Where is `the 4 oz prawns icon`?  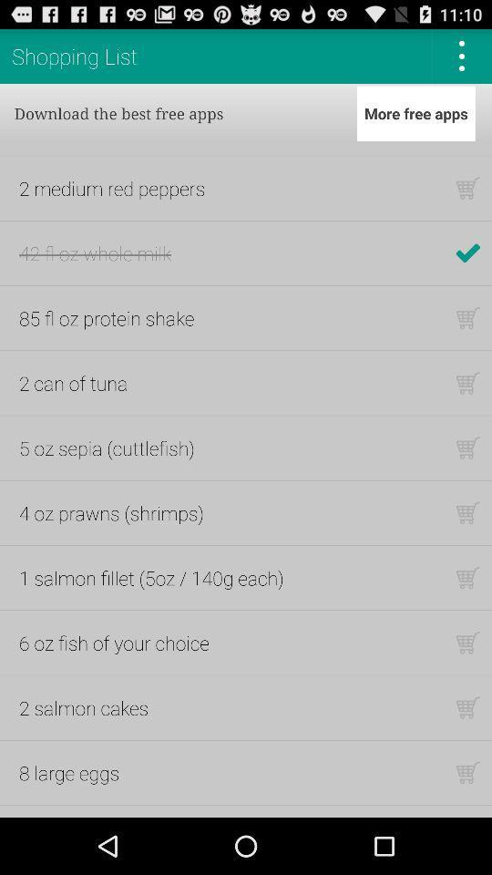 the 4 oz prawns icon is located at coordinates (111, 512).